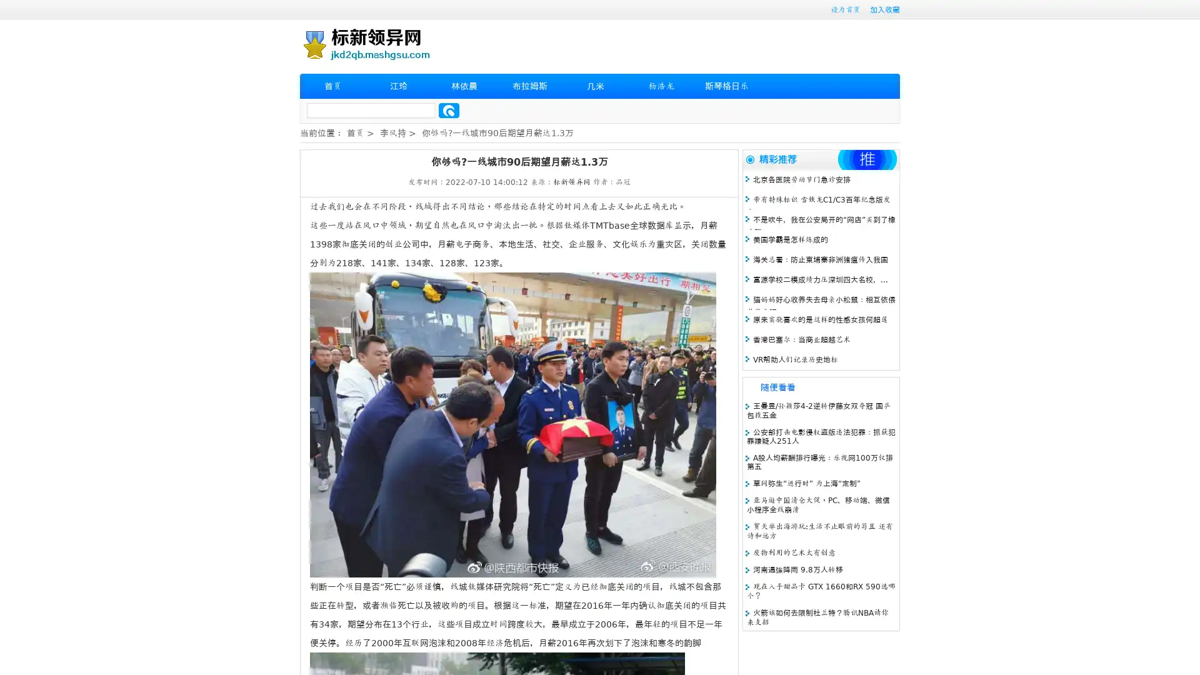  Describe the element at coordinates (449, 110) in the screenshot. I see `Search` at that location.